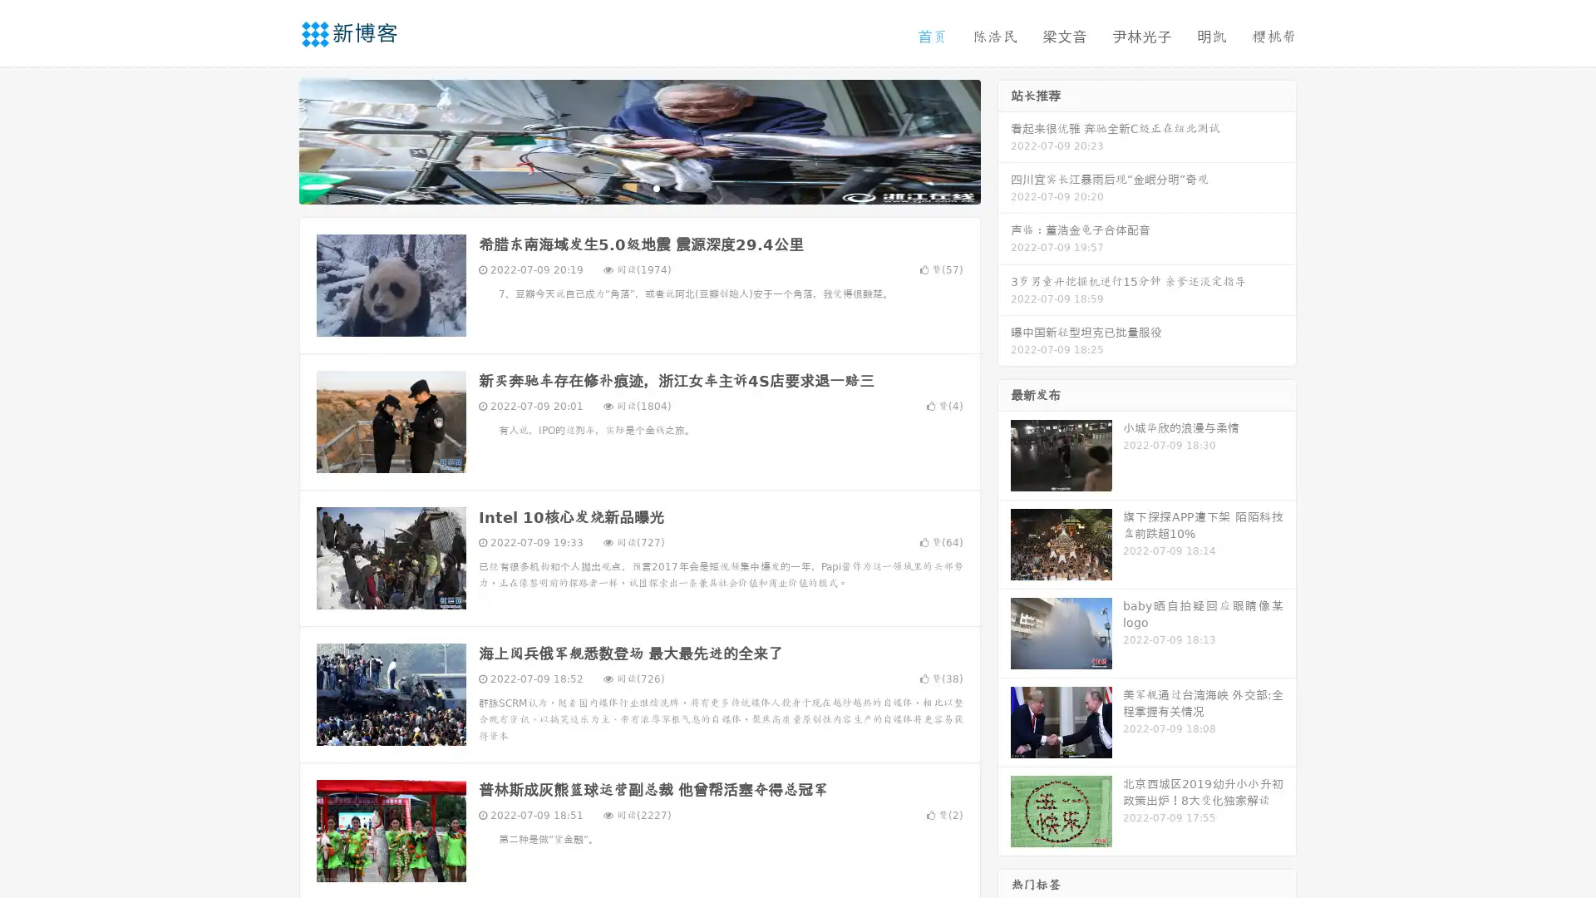  I want to click on Next slide, so click(1004, 140).